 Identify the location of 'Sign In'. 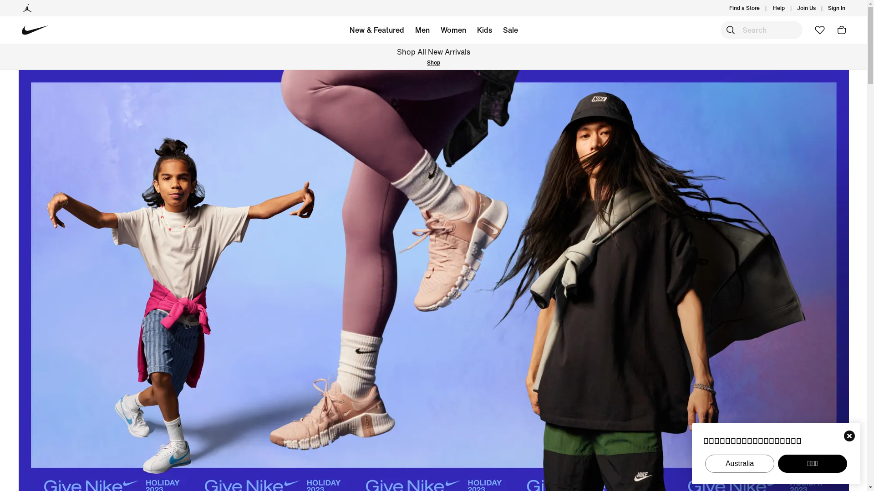
(837, 8).